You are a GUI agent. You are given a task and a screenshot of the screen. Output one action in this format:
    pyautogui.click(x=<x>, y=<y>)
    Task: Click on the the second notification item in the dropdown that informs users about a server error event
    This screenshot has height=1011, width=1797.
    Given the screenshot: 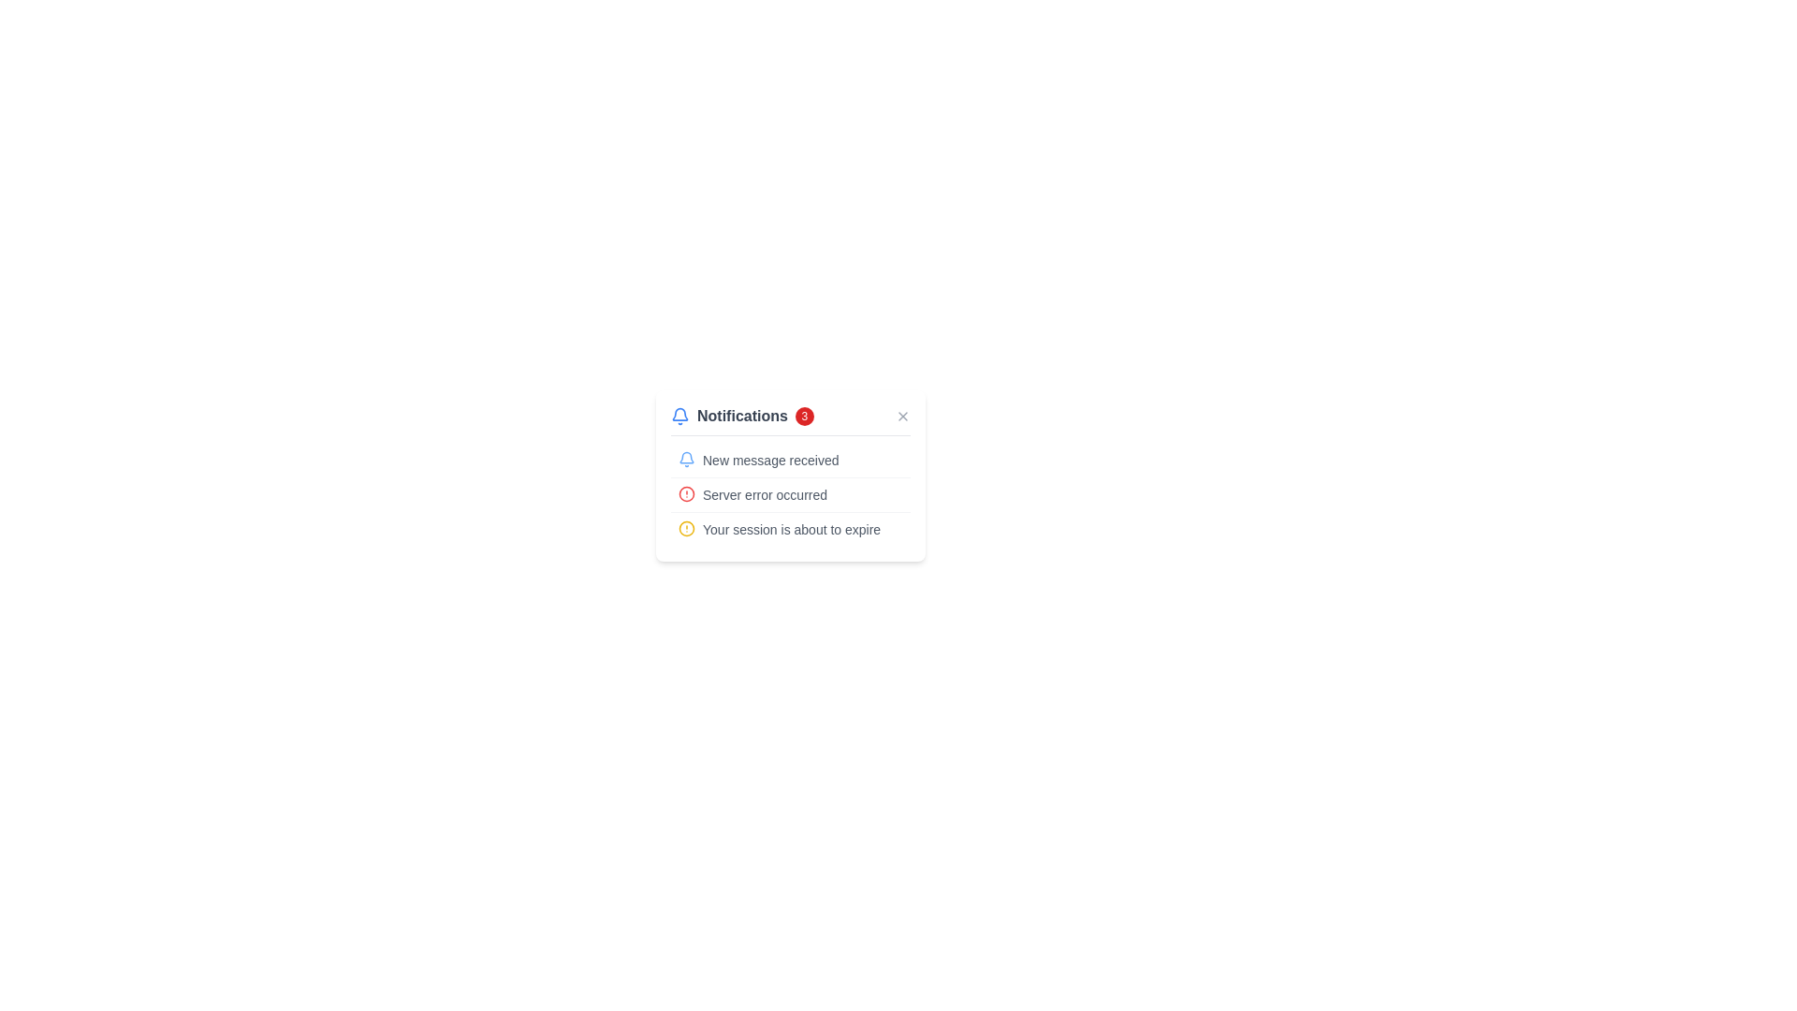 What is the action you would take?
    pyautogui.click(x=790, y=493)
    